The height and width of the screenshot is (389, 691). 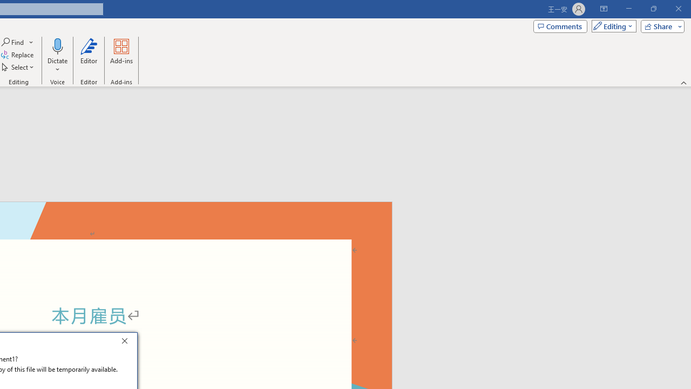 I want to click on 'More Options', so click(x=57, y=65).